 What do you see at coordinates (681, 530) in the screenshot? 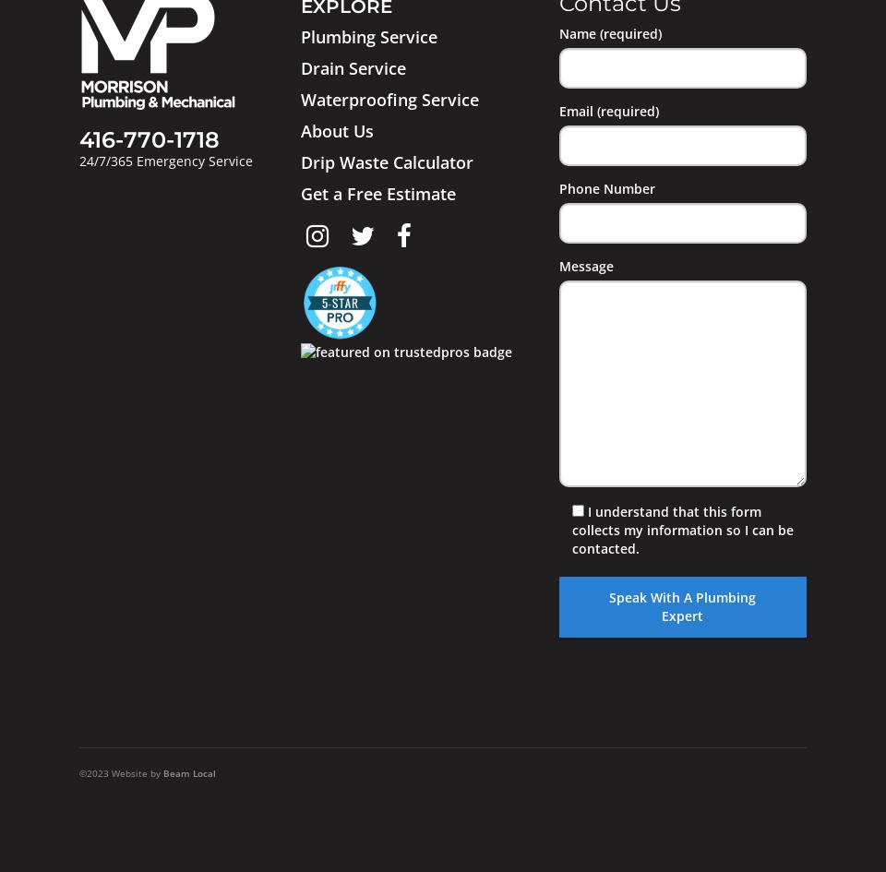
I see `'I understand that this form collects my information so I can be contacted.'` at bounding box center [681, 530].